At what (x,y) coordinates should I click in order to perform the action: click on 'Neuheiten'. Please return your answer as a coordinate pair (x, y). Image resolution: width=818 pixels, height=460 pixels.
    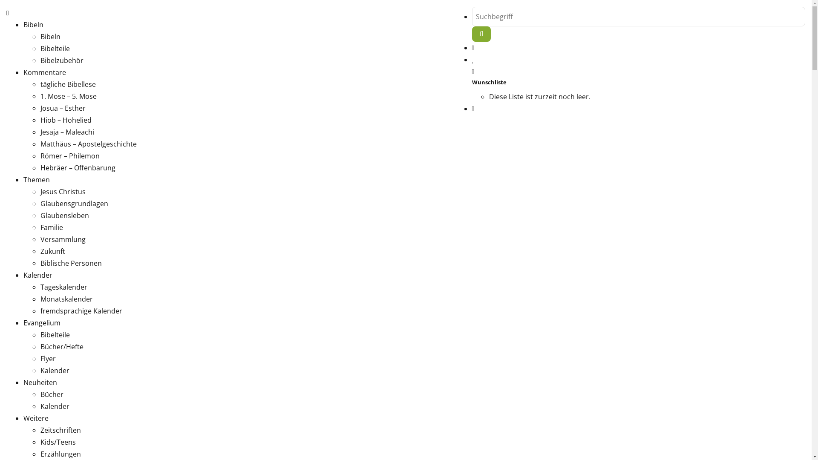
    Looking at the image, I should click on (23, 382).